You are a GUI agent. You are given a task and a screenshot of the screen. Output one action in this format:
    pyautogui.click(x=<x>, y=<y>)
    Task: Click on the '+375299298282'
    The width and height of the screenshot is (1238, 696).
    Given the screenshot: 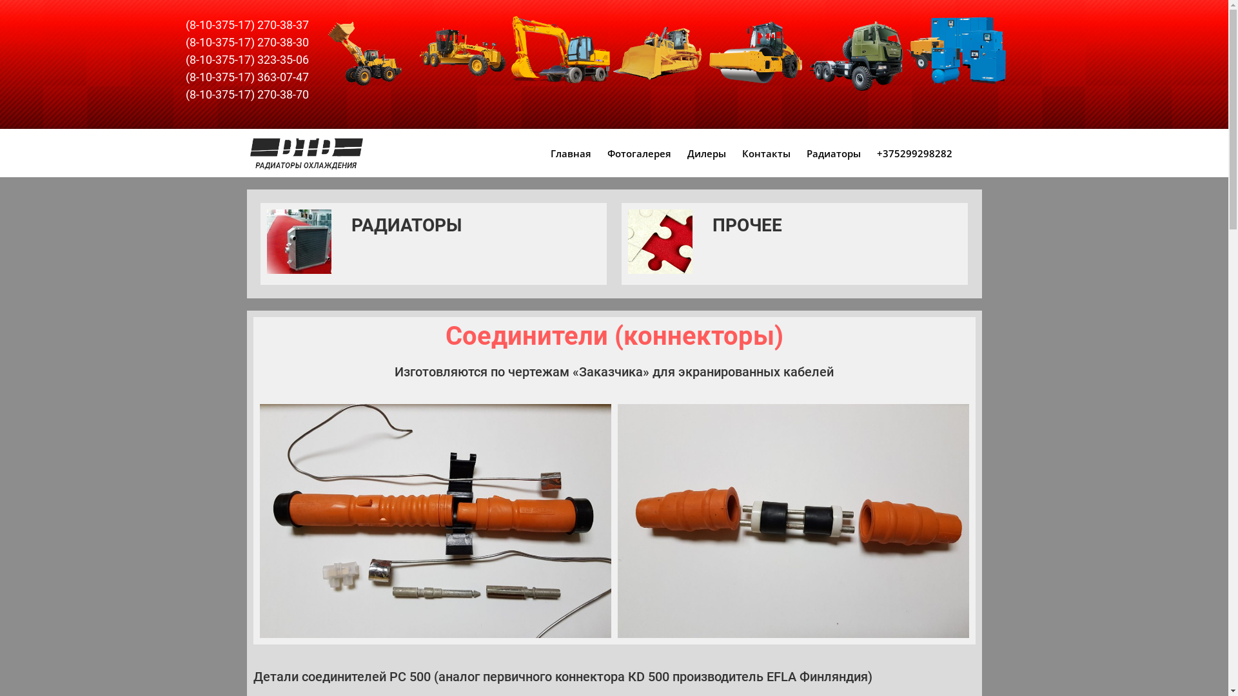 What is the action you would take?
    pyautogui.click(x=914, y=151)
    